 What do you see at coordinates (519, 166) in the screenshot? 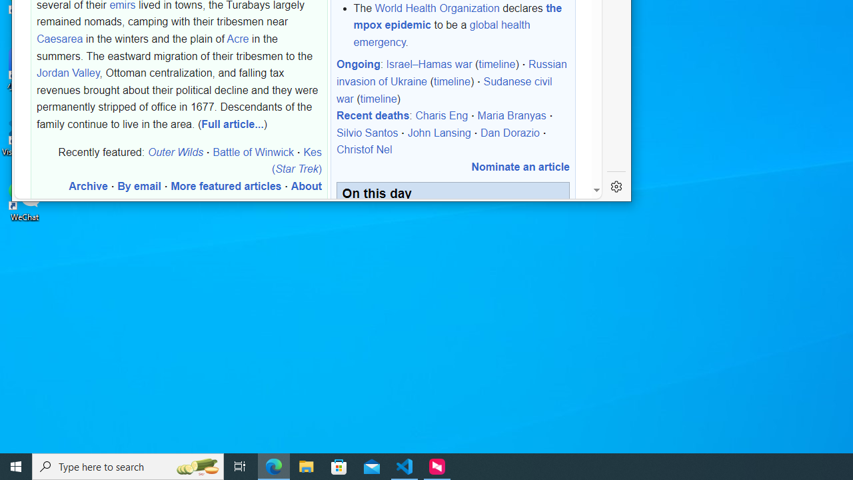
I see `'Nominate an article'` at bounding box center [519, 166].